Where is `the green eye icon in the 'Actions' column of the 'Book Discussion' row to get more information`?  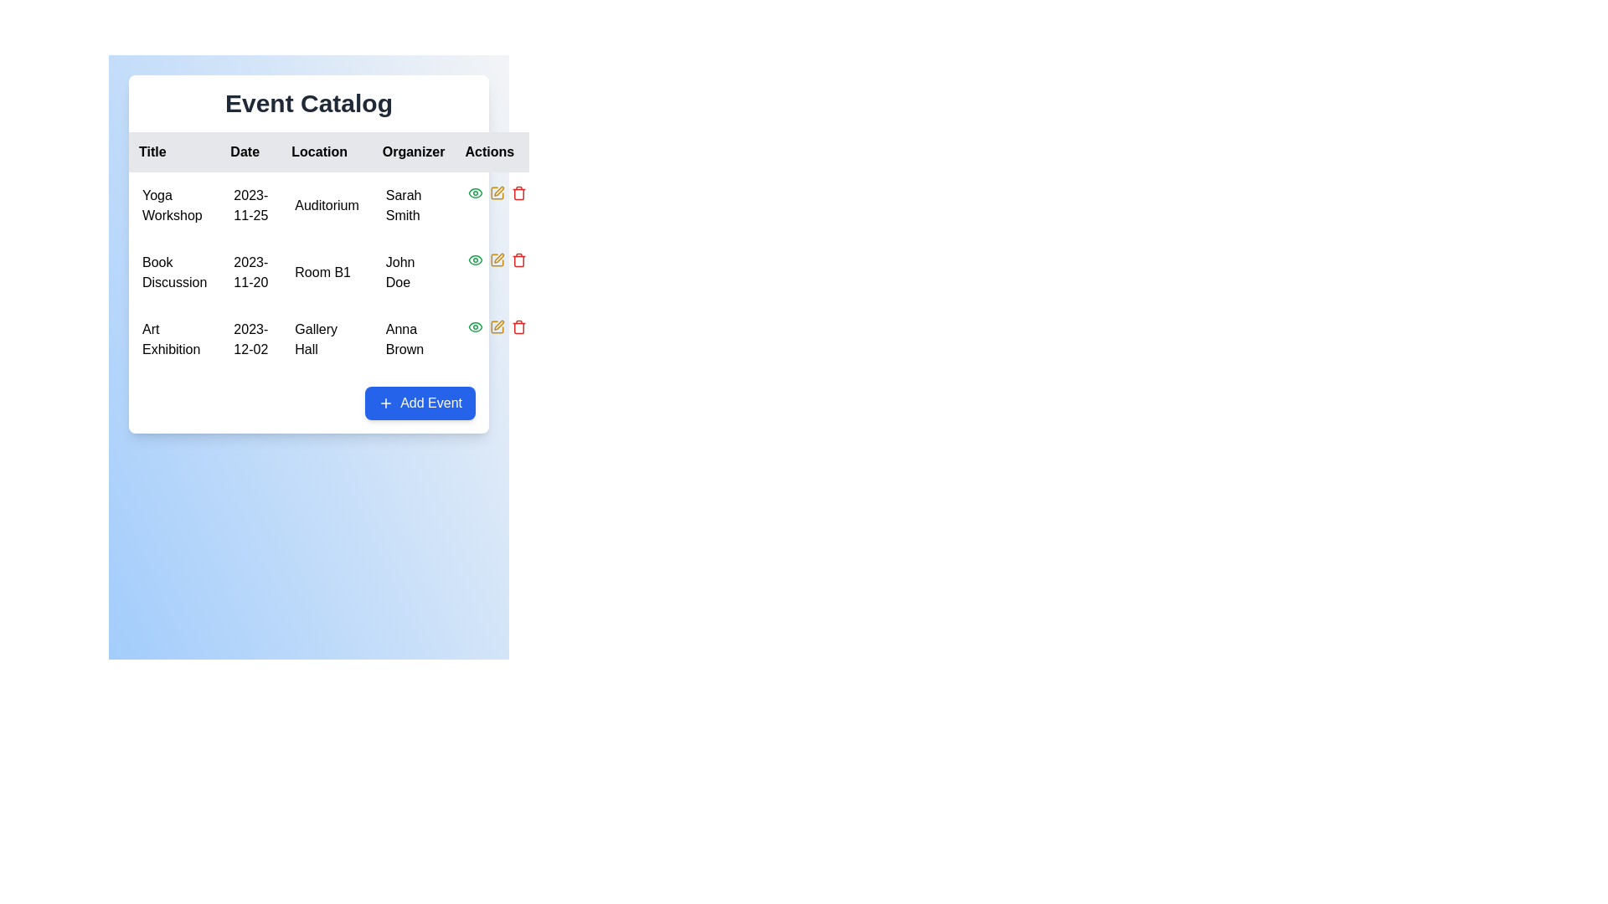
the green eye icon in the 'Actions' column of the 'Book Discussion' row to get more information is located at coordinates (475, 193).